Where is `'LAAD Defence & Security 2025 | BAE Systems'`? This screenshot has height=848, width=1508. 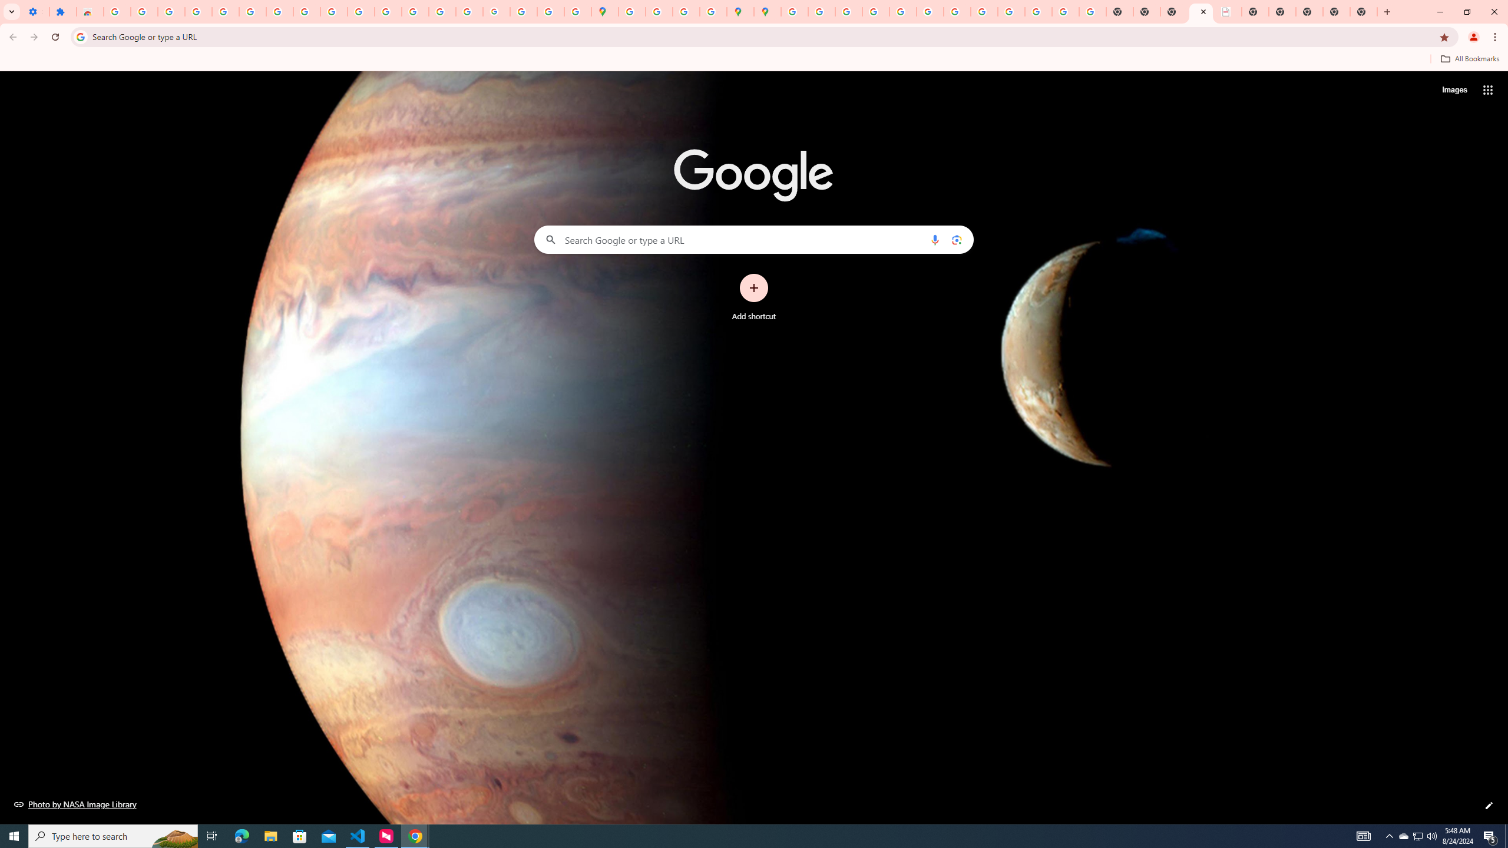
'LAAD Defence & Security 2025 | BAE Systems' is located at coordinates (1228, 11).